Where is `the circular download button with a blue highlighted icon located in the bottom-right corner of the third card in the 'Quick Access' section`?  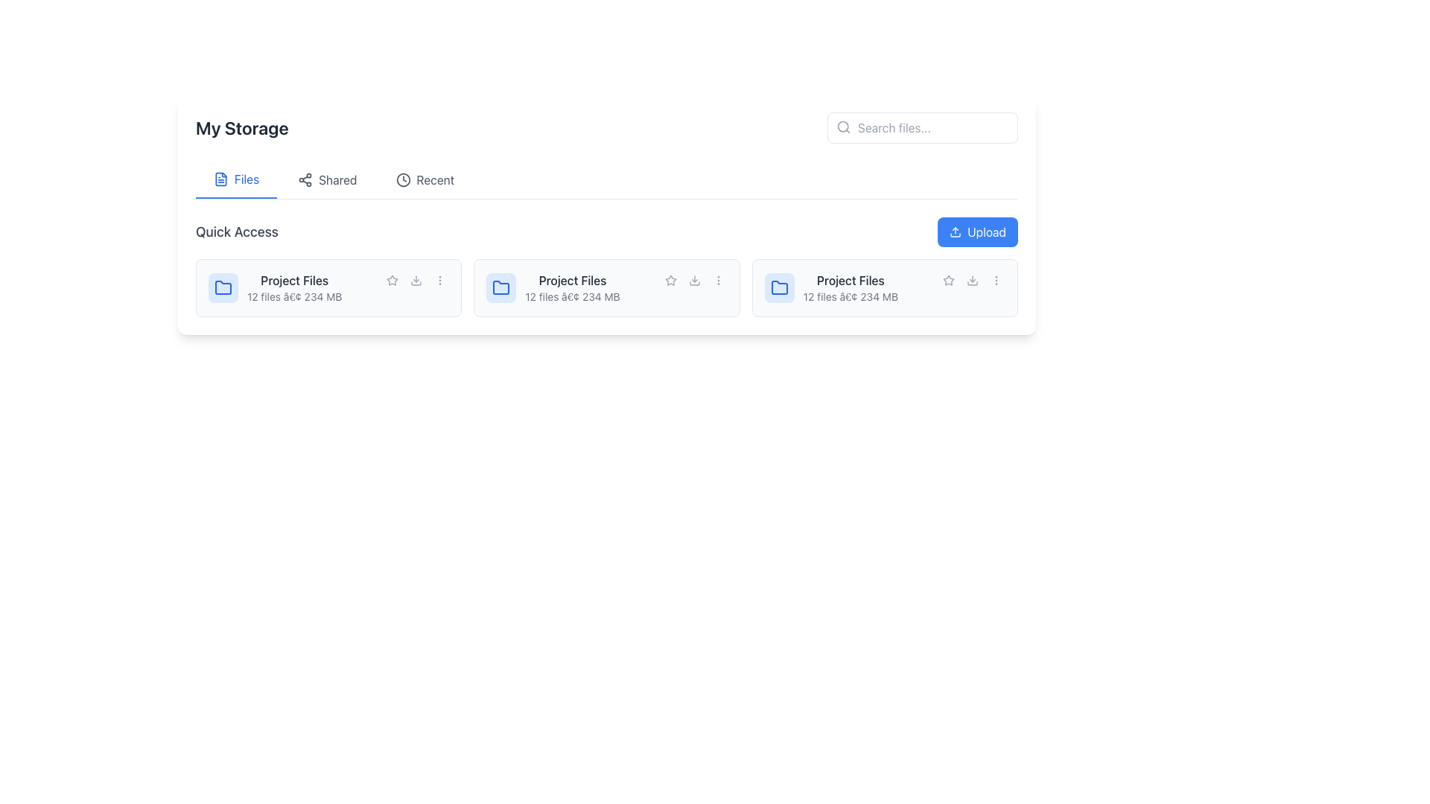
the circular download button with a blue highlighted icon located in the bottom-right corner of the third card in the 'Quick Access' section is located at coordinates (972, 281).